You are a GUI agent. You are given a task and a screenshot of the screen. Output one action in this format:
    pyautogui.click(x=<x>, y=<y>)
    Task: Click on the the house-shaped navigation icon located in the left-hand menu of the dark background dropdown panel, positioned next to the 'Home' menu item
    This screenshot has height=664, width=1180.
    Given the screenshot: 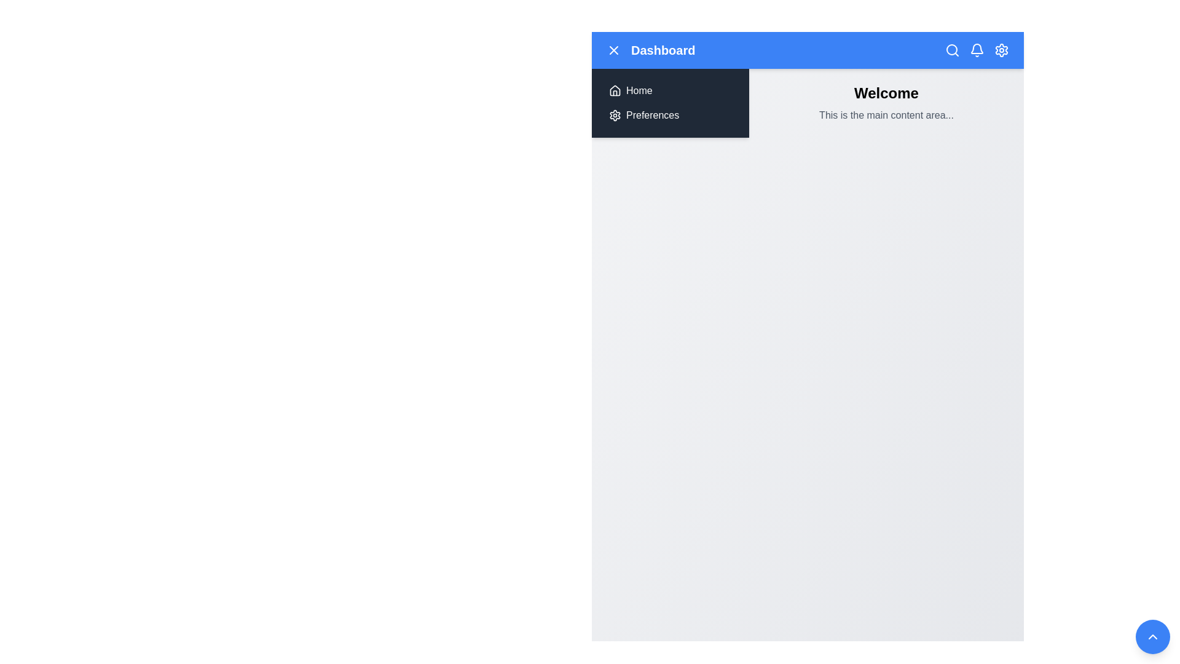 What is the action you would take?
    pyautogui.click(x=615, y=89)
    